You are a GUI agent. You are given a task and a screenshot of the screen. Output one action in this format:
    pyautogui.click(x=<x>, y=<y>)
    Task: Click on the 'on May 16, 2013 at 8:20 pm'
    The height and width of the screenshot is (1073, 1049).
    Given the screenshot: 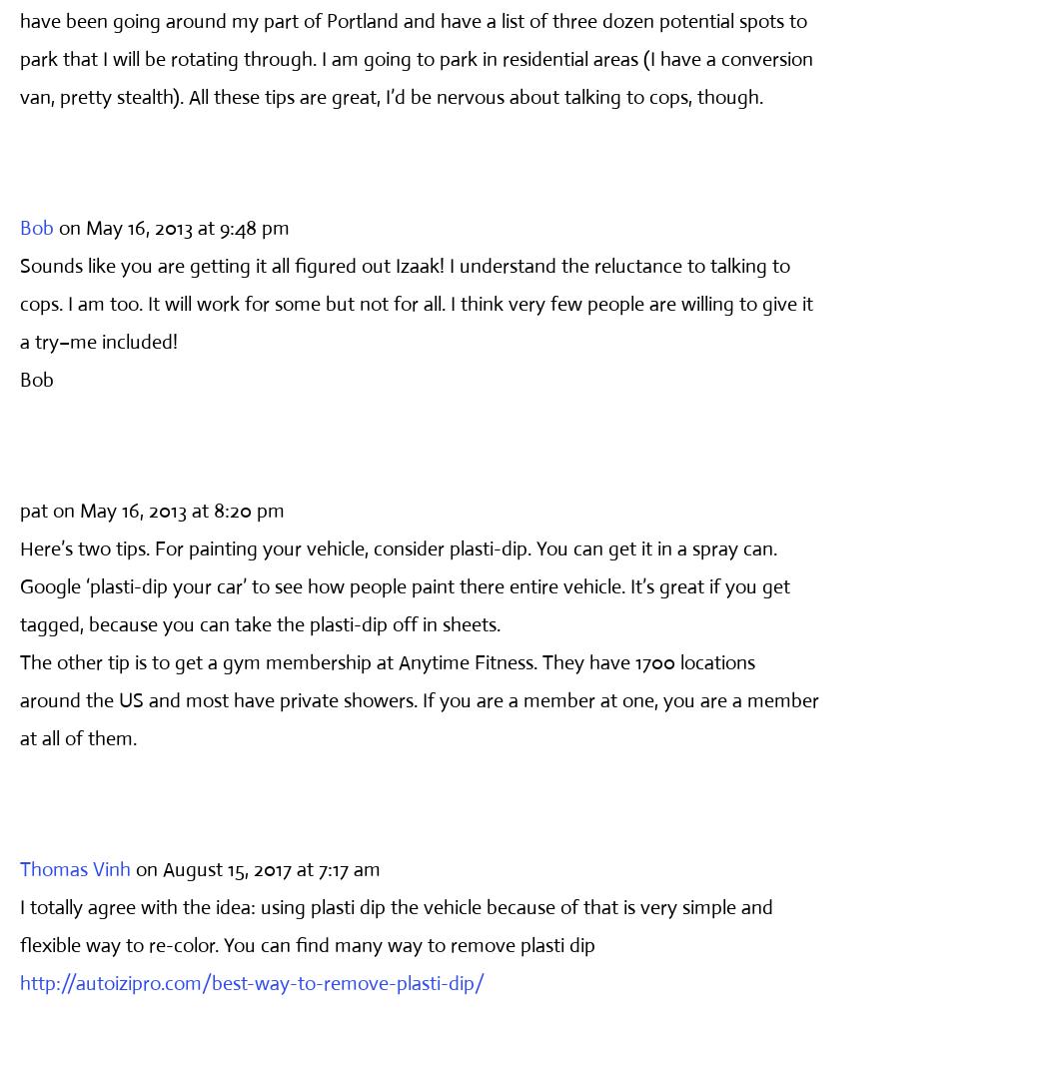 What is the action you would take?
    pyautogui.click(x=169, y=510)
    